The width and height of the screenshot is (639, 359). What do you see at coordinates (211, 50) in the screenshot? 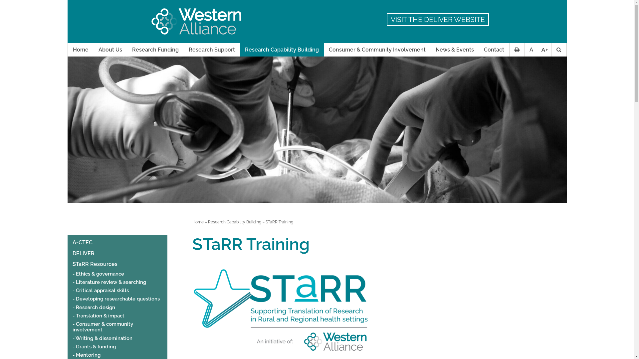
I see `'Research Support'` at bounding box center [211, 50].